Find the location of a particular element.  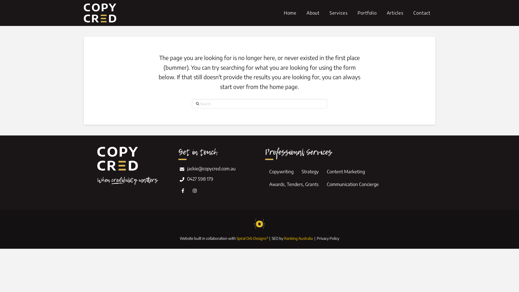

'Communication Concierge' is located at coordinates (353, 184).